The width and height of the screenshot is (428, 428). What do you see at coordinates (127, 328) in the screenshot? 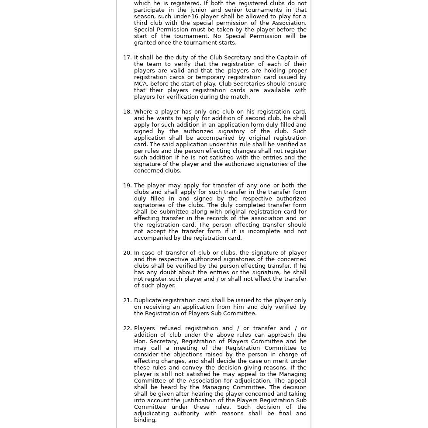
I see `'22.'` at bounding box center [127, 328].